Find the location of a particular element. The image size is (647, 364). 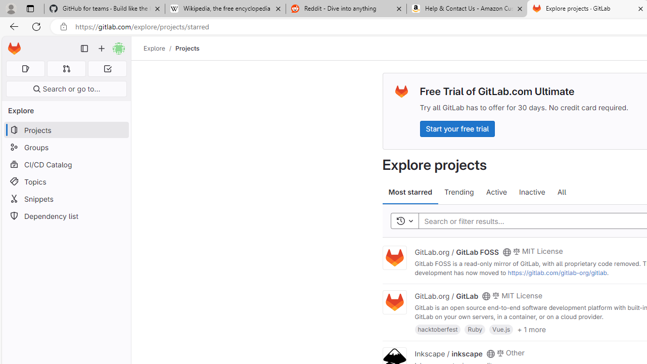

'Ruby' is located at coordinates (475, 329).